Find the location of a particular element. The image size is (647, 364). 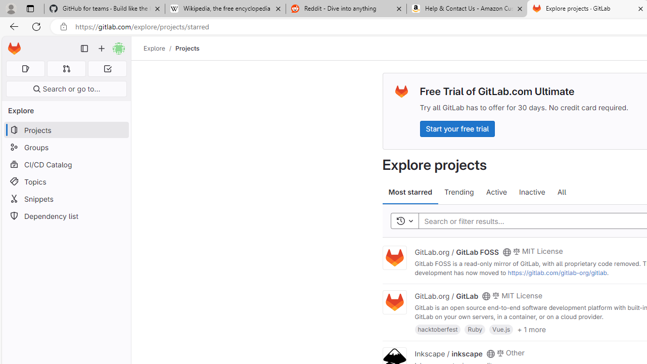

'Ruby' is located at coordinates (475, 329).